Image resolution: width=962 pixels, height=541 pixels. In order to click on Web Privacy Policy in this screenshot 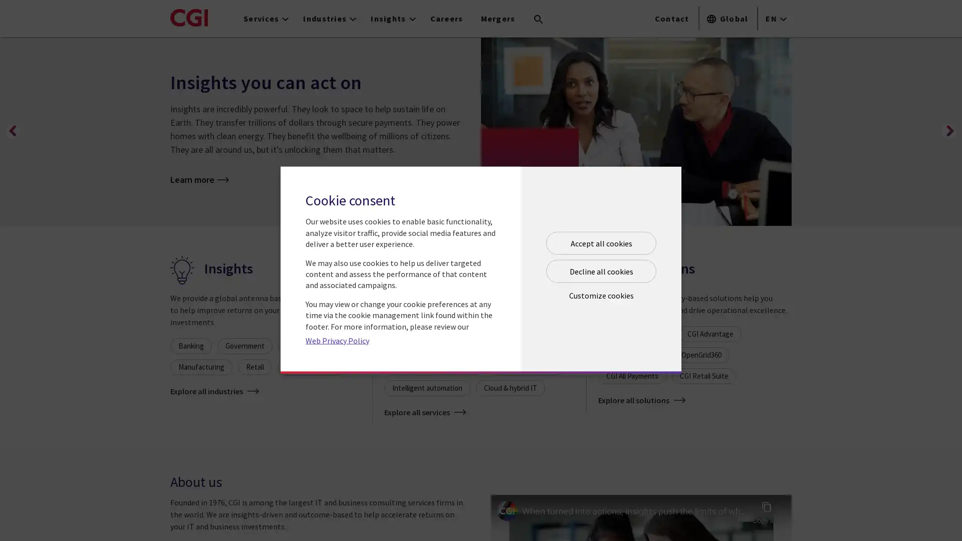, I will do `click(337, 339)`.